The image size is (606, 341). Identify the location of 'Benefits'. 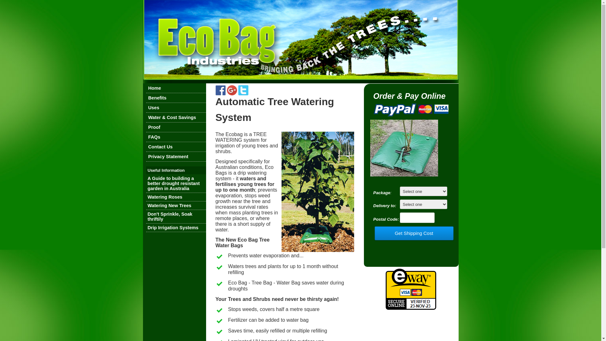
(157, 98).